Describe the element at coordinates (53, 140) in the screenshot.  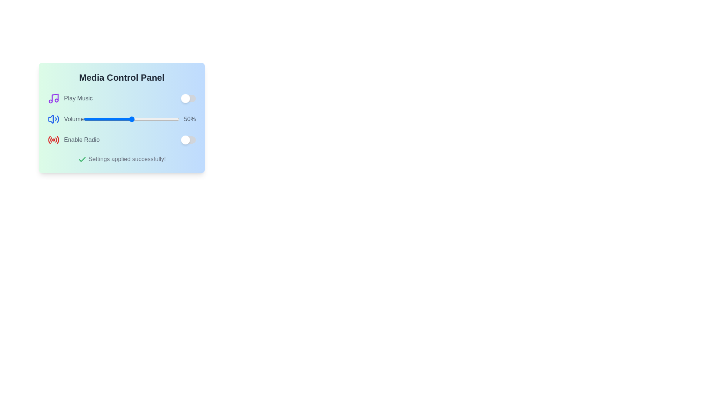
I see `the red radiating icon representing radio waves in the 'Enable Radio' section of the Media Control Panel, located to the left of the 'Enable Radio' label` at that location.